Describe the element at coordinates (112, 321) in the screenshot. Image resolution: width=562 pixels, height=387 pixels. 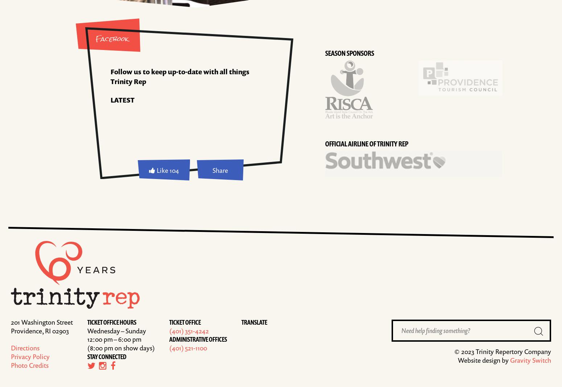
I see `'Ticket Office Hours'` at that location.